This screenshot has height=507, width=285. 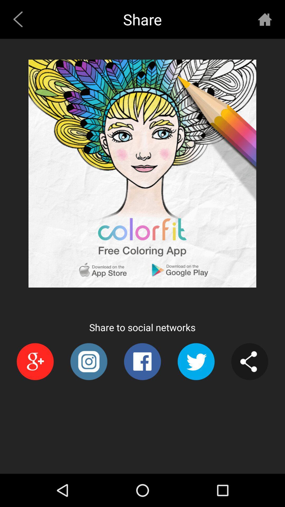 I want to click on the icon below share to social icon, so click(x=196, y=361).